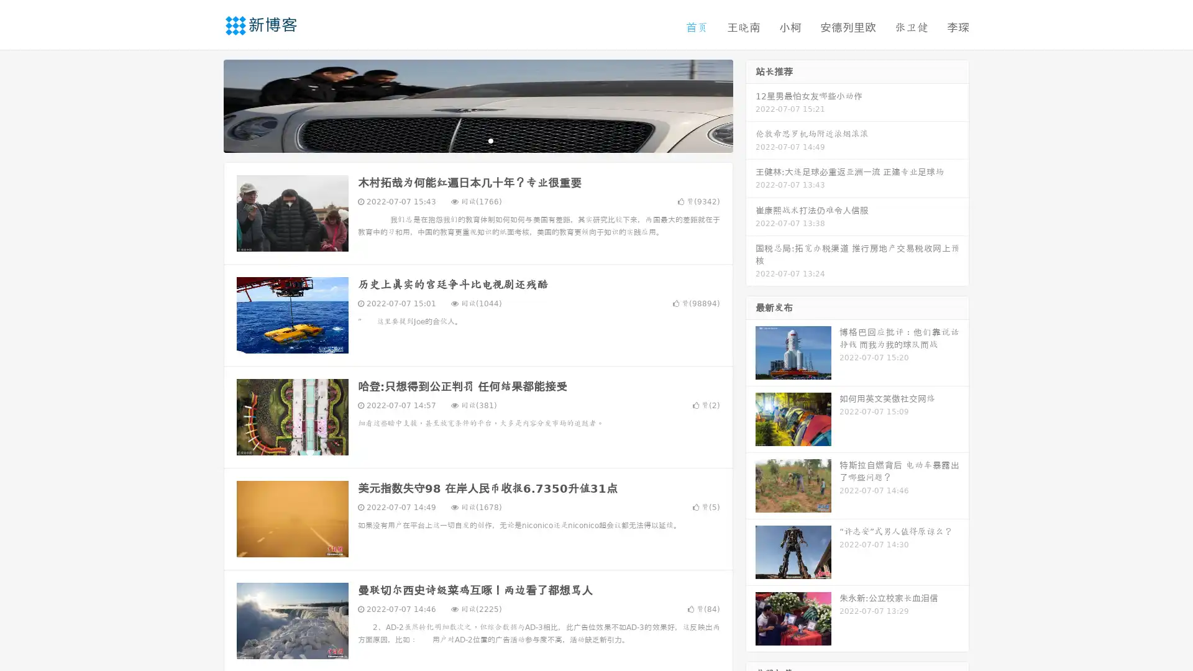  What do you see at coordinates (205, 104) in the screenshot?
I see `Previous slide` at bounding box center [205, 104].